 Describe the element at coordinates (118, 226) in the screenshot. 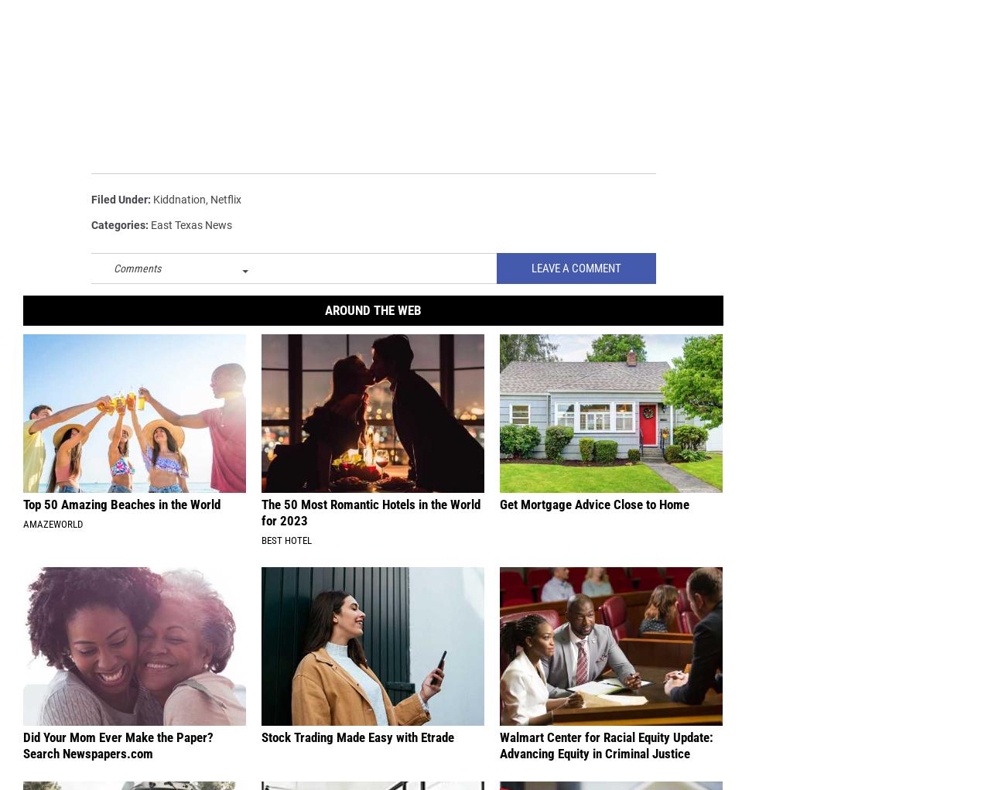

I see `'Categories'` at that location.